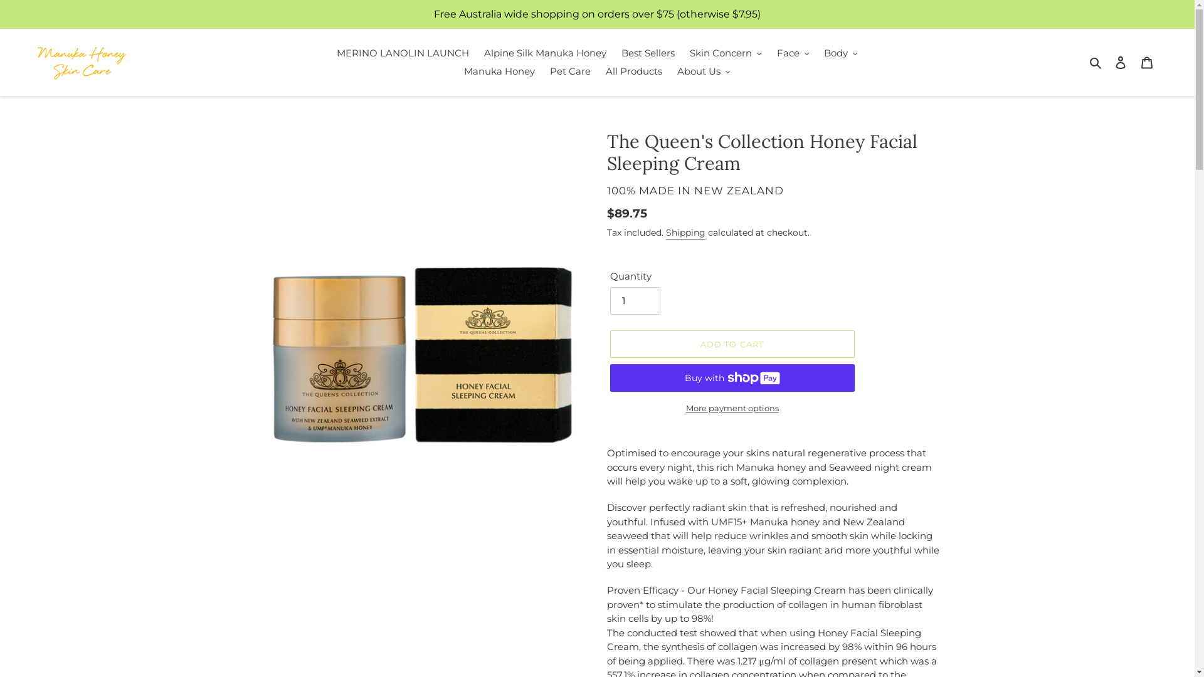  What do you see at coordinates (670, 71) in the screenshot?
I see `'About Us'` at bounding box center [670, 71].